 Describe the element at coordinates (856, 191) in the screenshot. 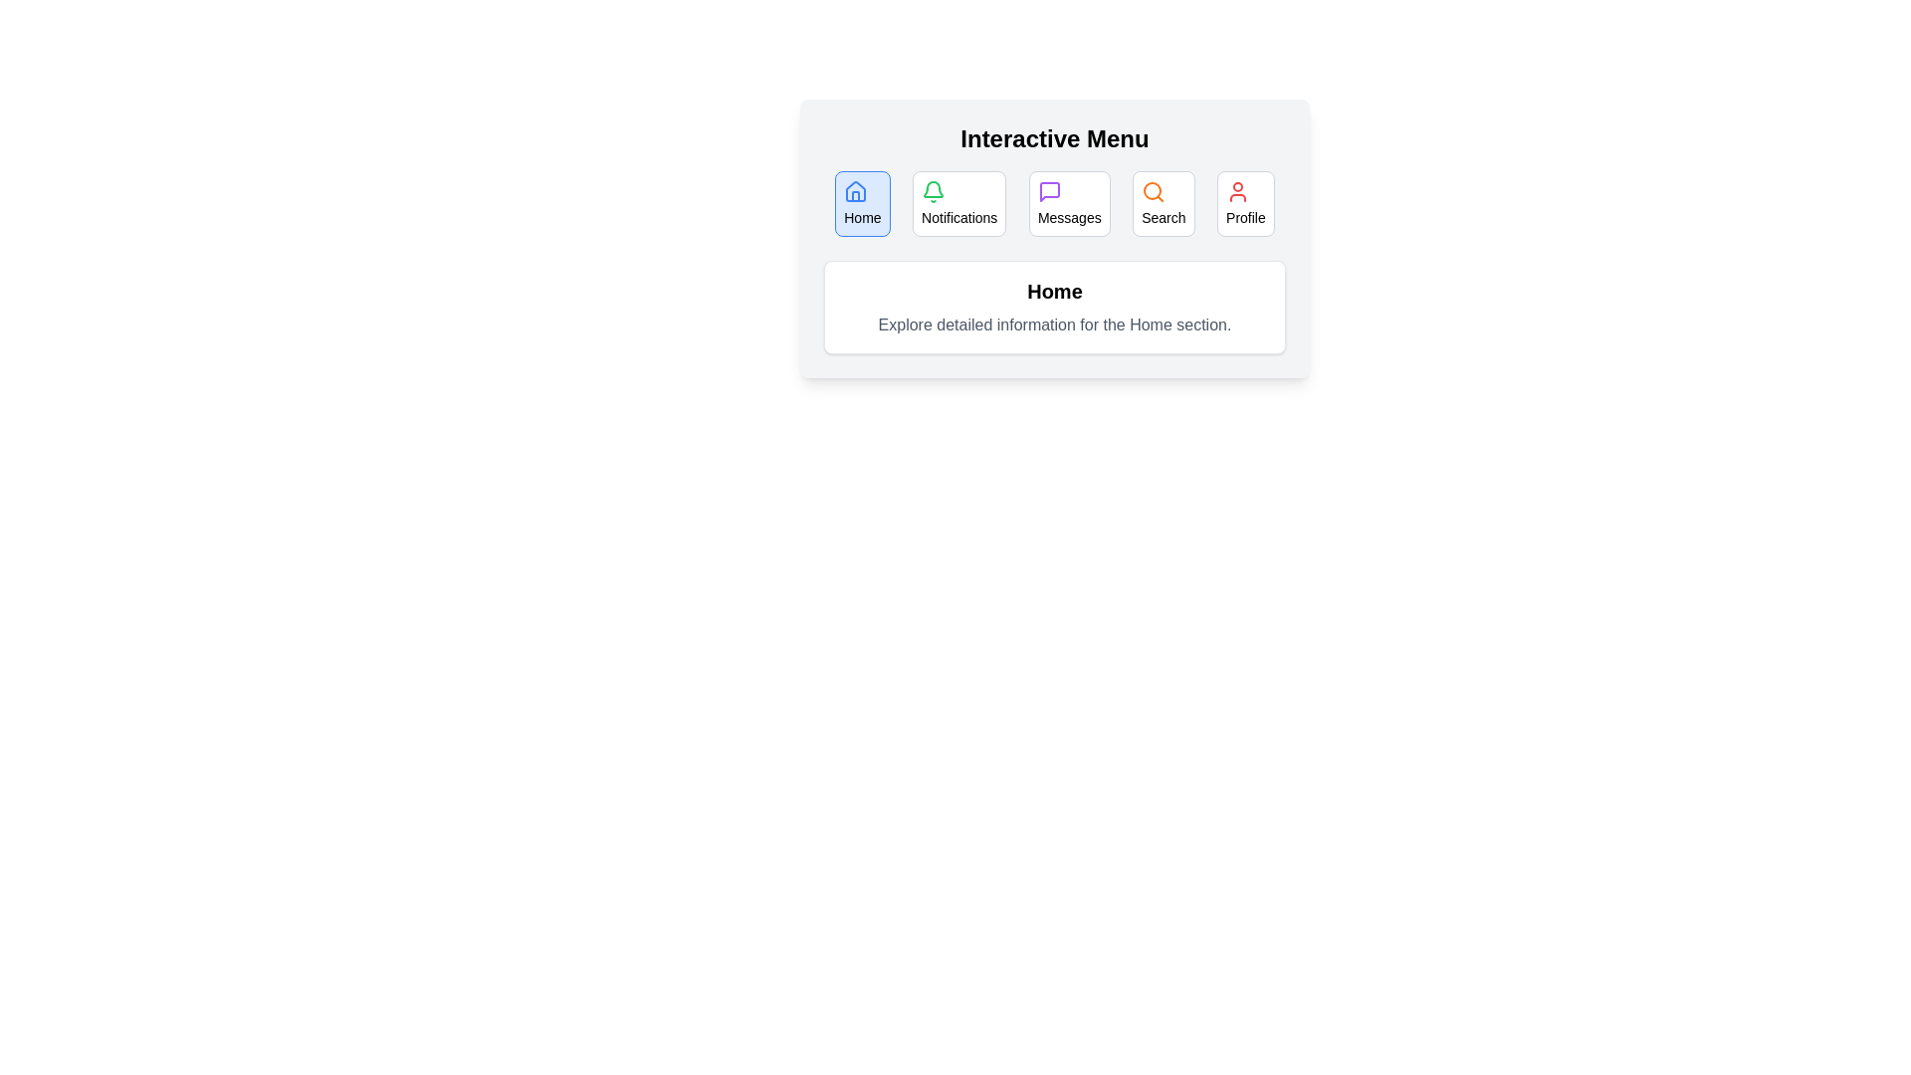

I see `the house icon with a blue outline in the top menu labeled 'Home'` at that location.